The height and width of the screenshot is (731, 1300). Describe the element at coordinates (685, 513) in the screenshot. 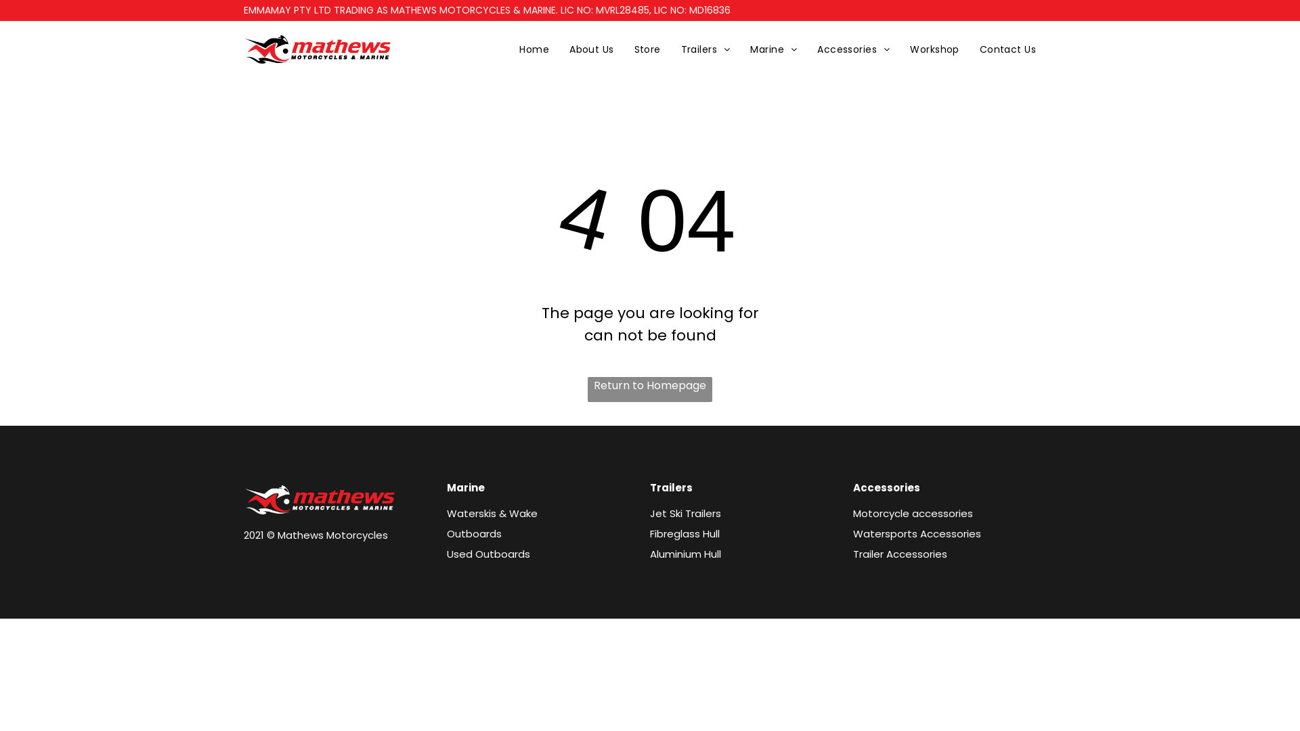

I see `'Jet Ski Trailers'` at that location.